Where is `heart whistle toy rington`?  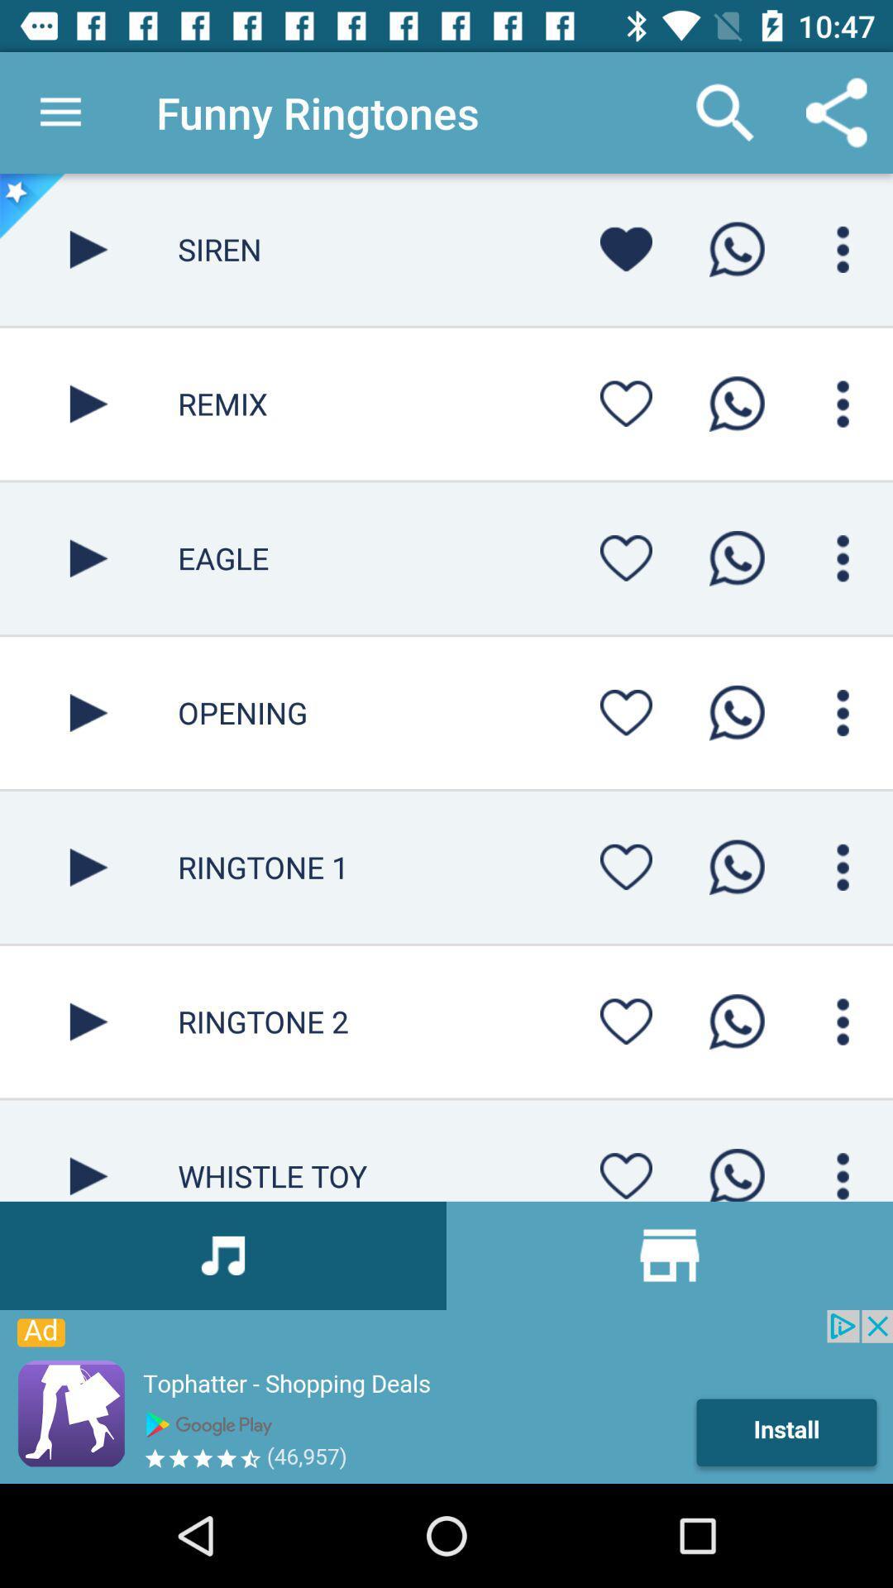
heart whistle toy rington is located at coordinates (626, 1170).